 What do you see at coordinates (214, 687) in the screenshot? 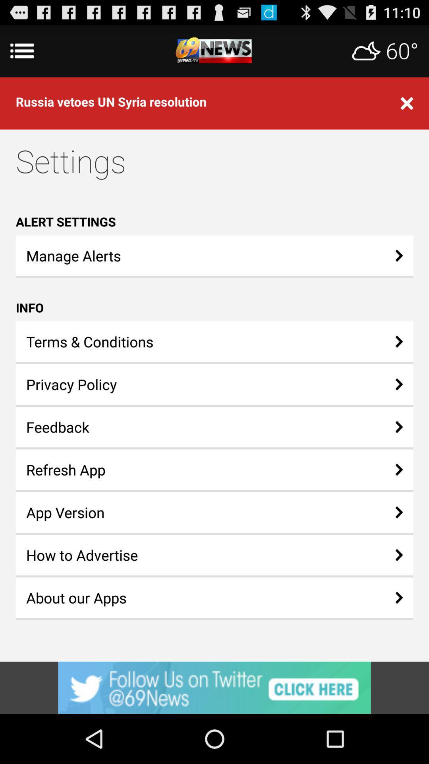
I see `advertisement` at bounding box center [214, 687].